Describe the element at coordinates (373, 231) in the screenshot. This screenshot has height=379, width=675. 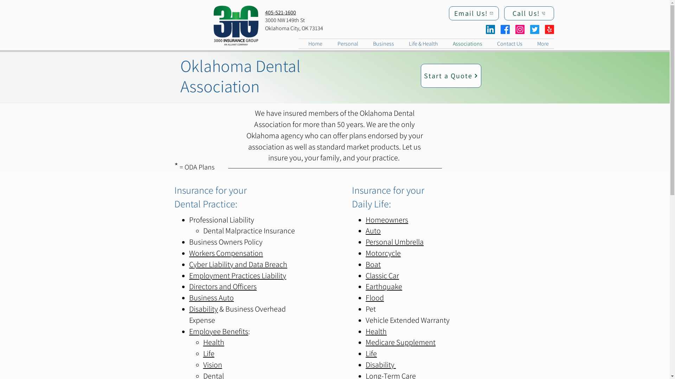
I see `'Auto'` at that location.